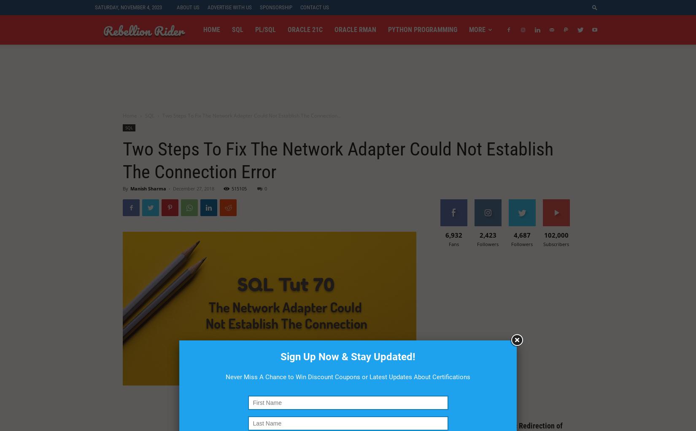 This screenshot has height=431, width=696. What do you see at coordinates (265, 188) in the screenshot?
I see `'0'` at bounding box center [265, 188].